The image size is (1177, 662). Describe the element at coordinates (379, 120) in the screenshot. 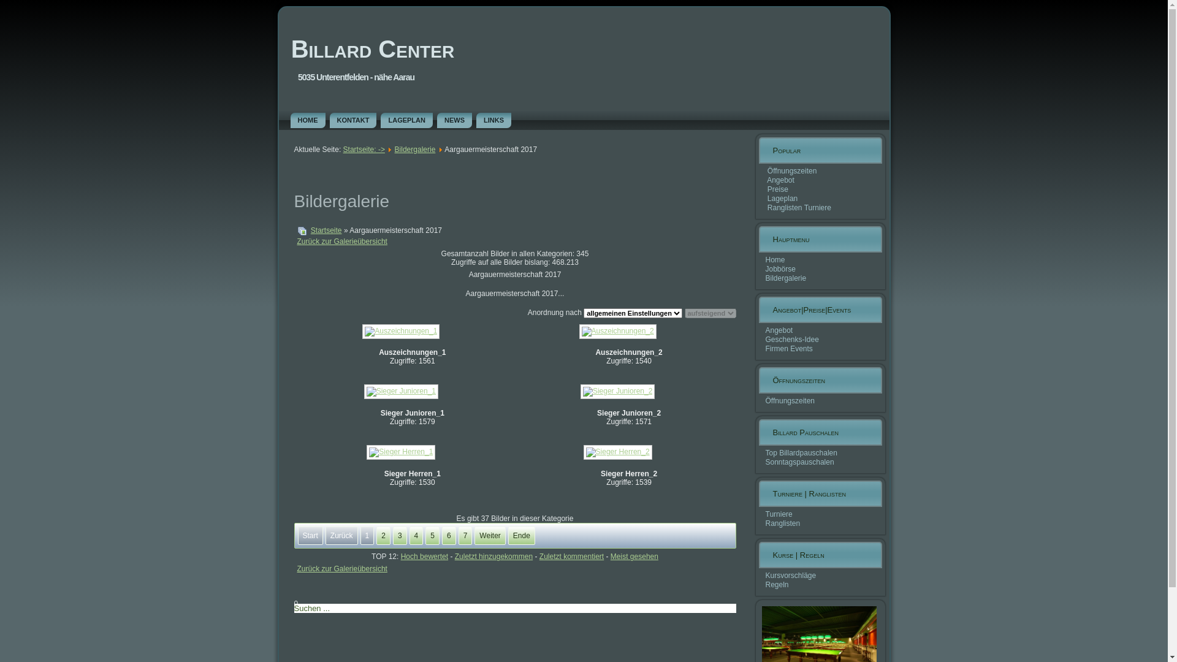

I see `'LAGEPLAN'` at that location.